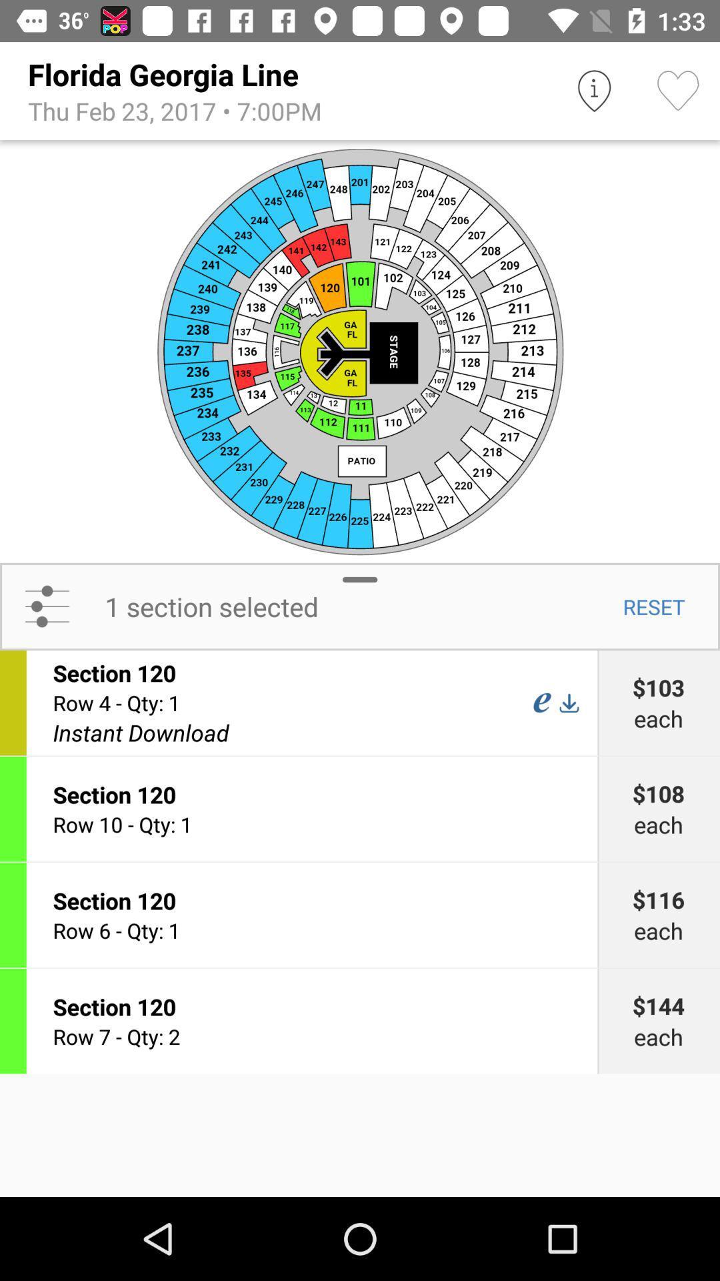 Image resolution: width=720 pixels, height=1281 pixels. What do you see at coordinates (653, 606) in the screenshot?
I see `the icon above $103 item` at bounding box center [653, 606].